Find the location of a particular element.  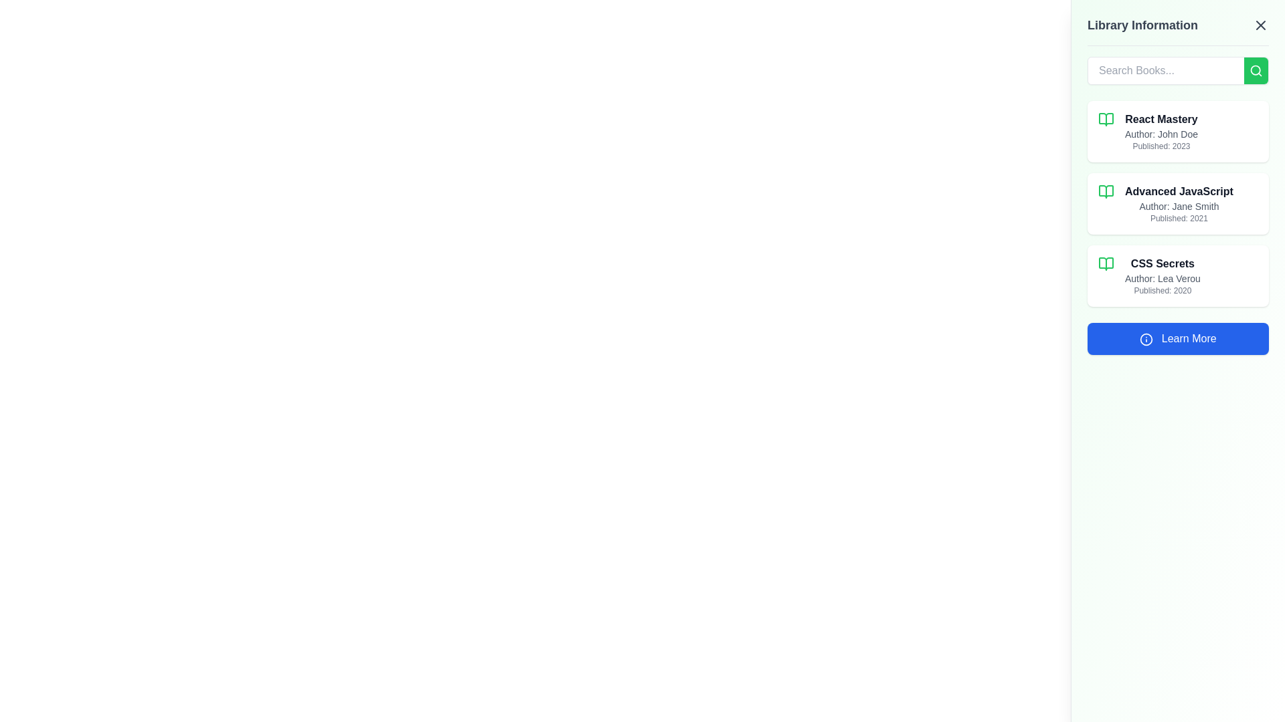

the text label displaying the author's name 'Author: Lea Verou', which is styled in gray and positioned beneath the title 'CSS Secrets' and above the publication date 'Published: 2020' is located at coordinates (1162, 277).